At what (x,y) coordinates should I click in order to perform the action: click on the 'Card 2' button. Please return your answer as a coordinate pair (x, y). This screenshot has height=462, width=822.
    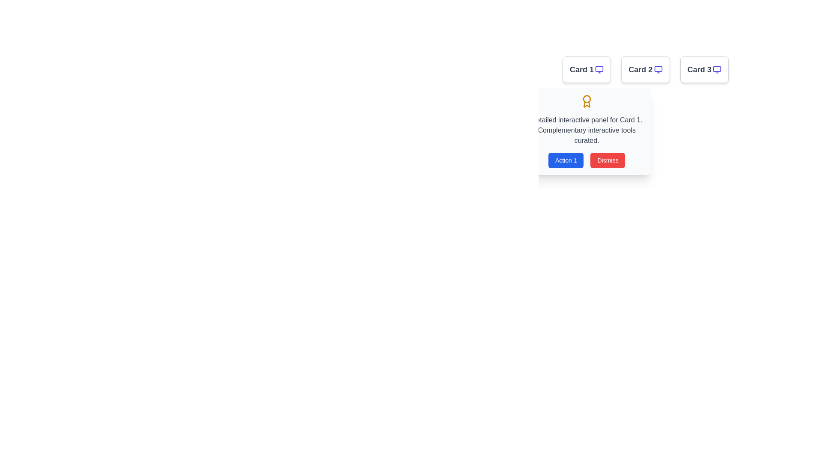
    Looking at the image, I should click on (645, 69).